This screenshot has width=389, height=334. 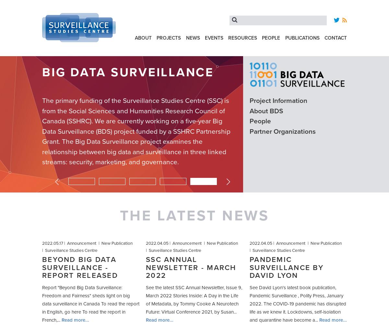 What do you see at coordinates (271, 37) in the screenshot?
I see `'People'` at bounding box center [271, 37].